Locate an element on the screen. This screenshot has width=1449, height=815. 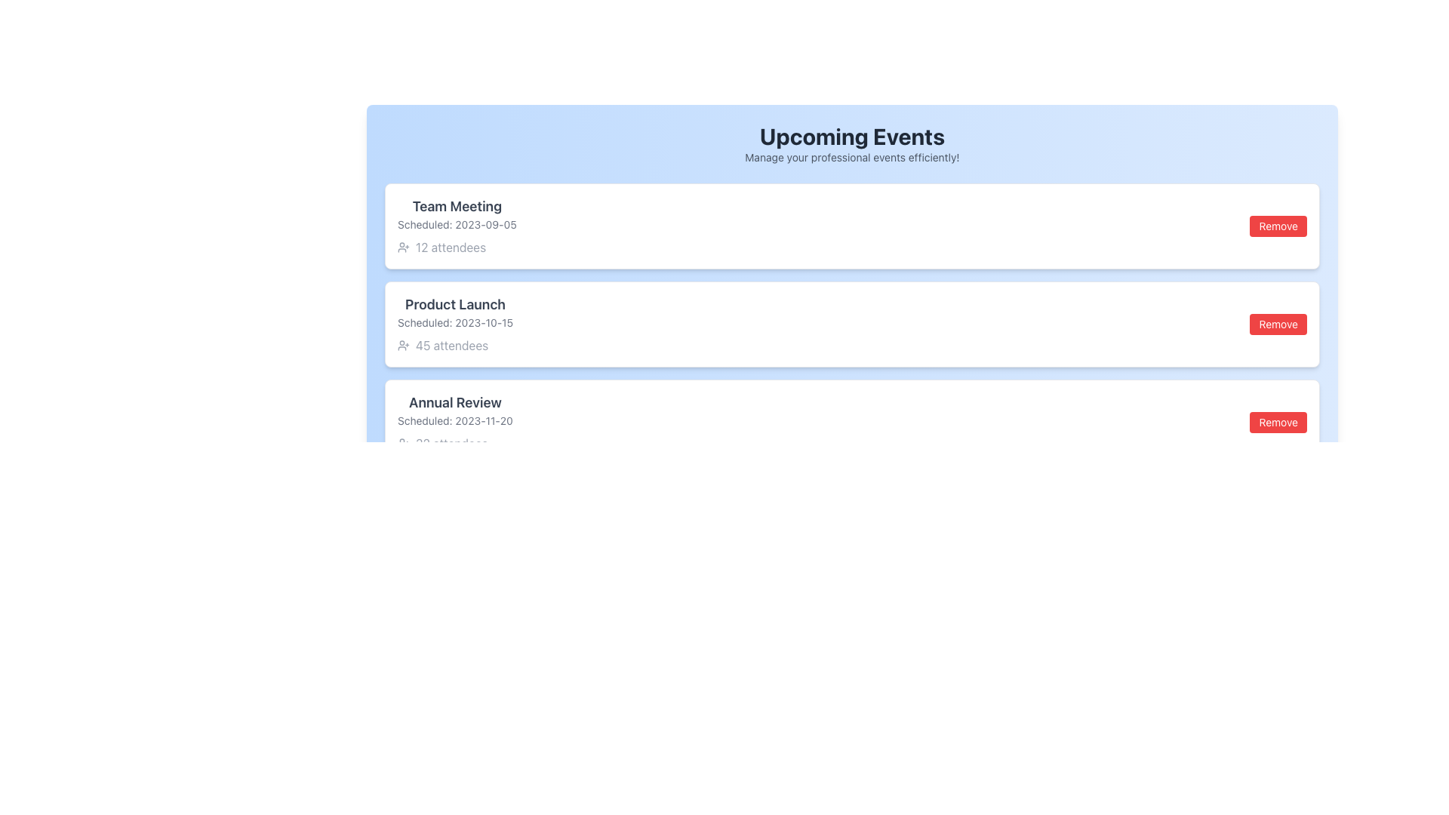
the text label titled 'Annual Review' in the third event entry of the 'Upcoming Events' section is located at coordinates (454, 401).